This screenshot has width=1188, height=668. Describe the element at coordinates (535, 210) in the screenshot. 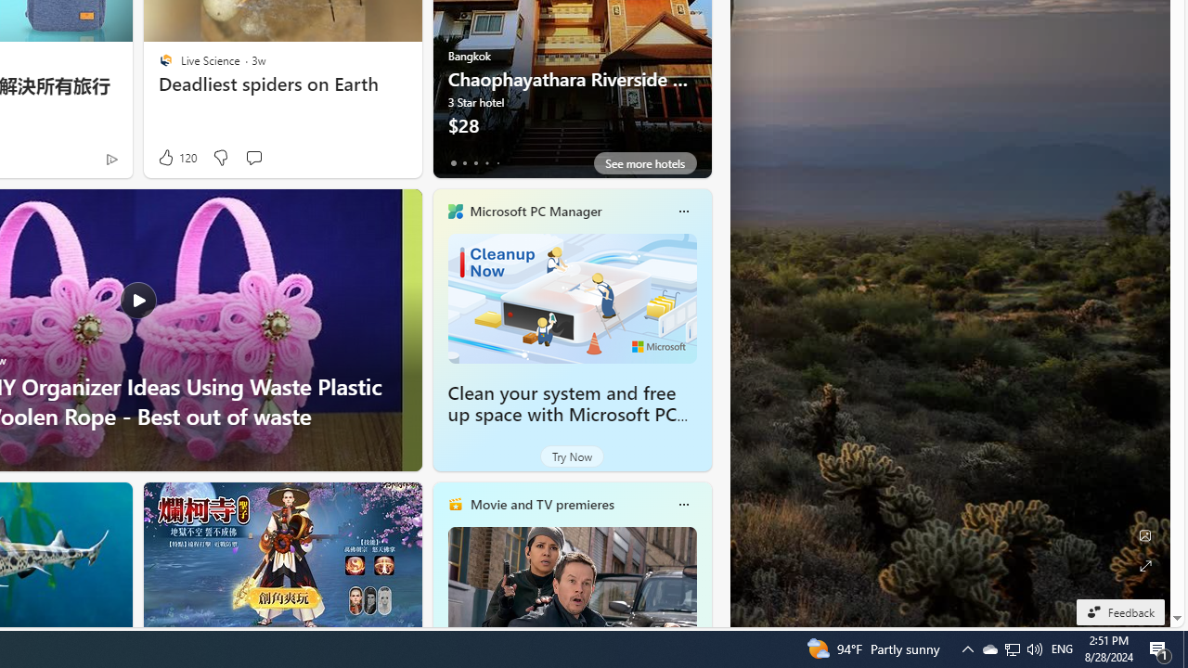

I see `'Microsoft PC Manager'` at that location.